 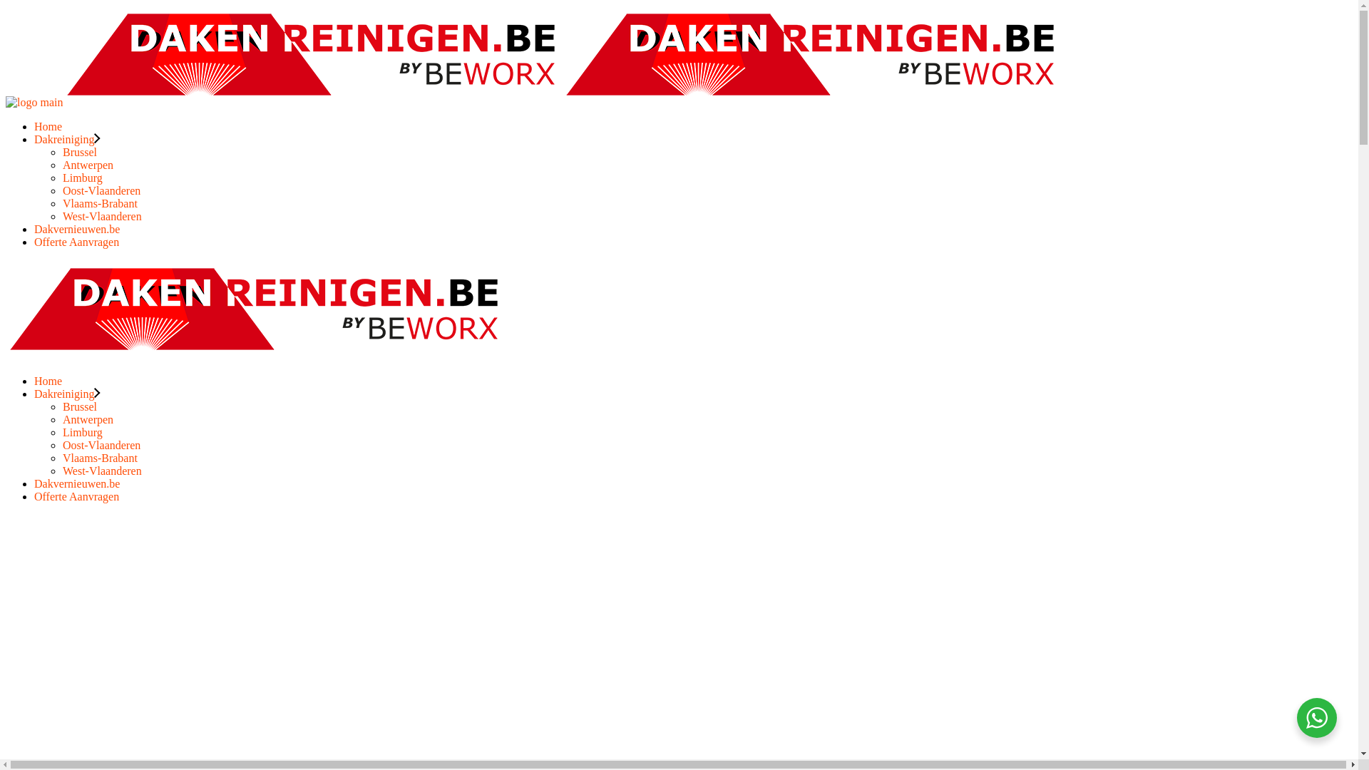 What do you see at coordinates (66, 139) in the screenshot?
I see `'Dakreiniging'` at bounding box center [66, 139].